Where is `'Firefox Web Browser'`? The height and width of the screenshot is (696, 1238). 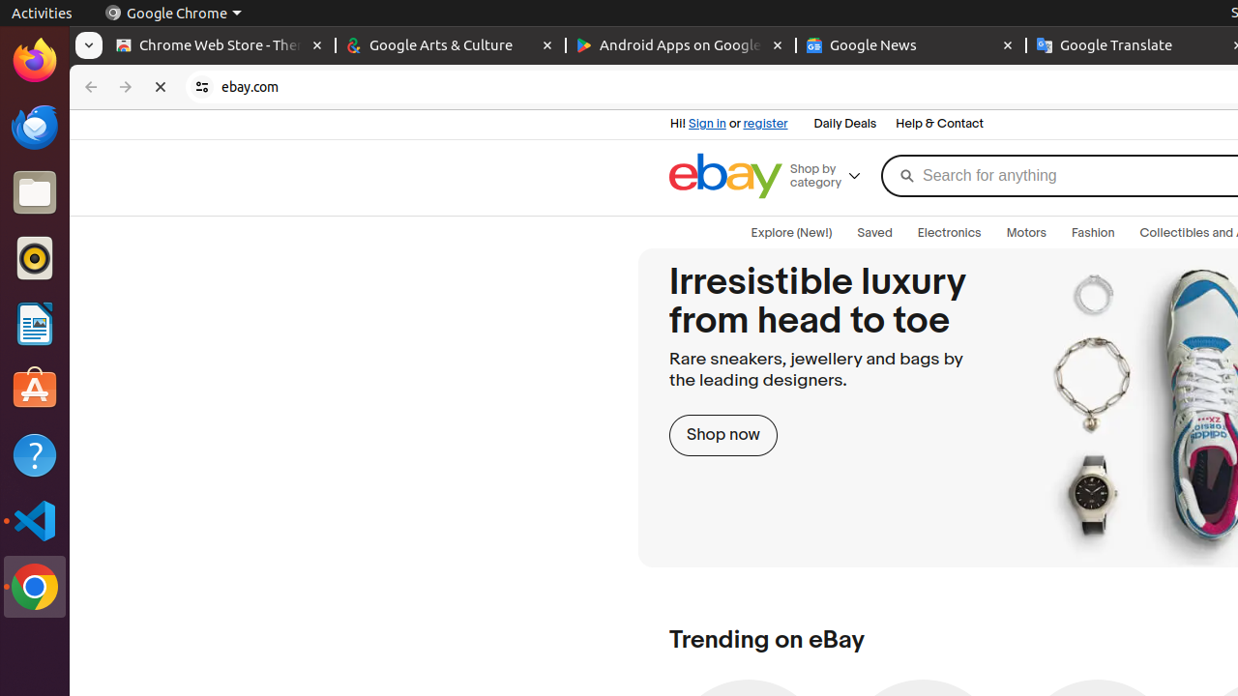
'Firefox Web Browser' is located at coordinates (34, 59).